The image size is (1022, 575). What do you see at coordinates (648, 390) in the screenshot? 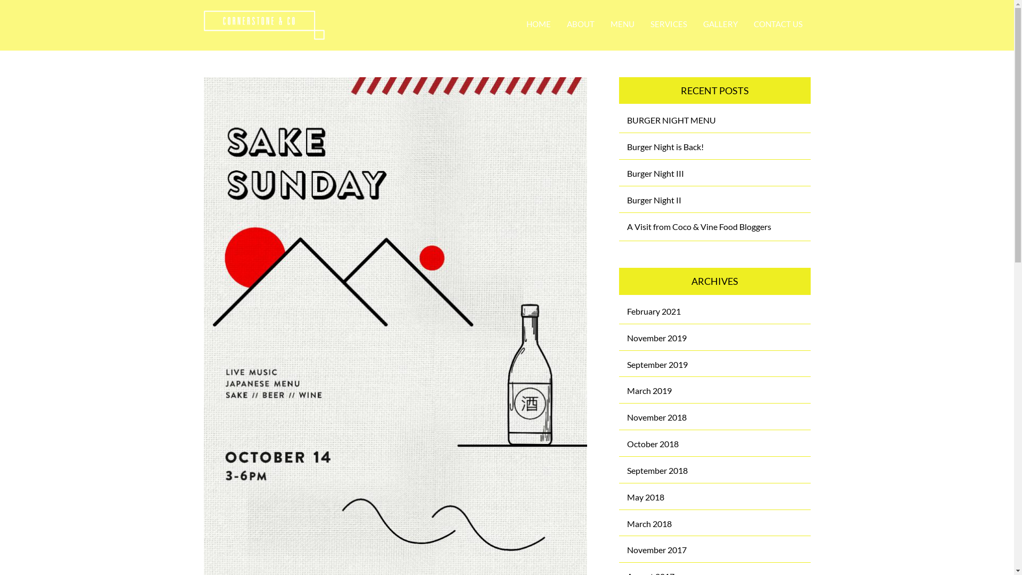
I see `'March 2019'` at bounding box center [648, 390].